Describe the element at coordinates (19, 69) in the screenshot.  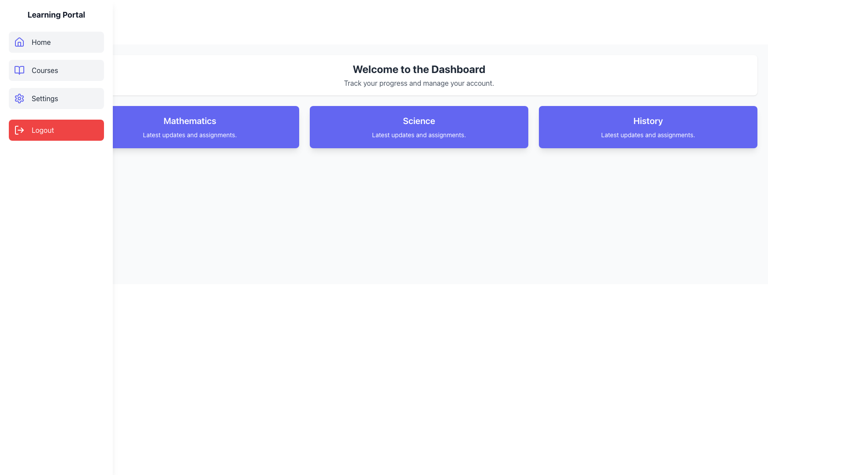
I see `the blue open book icon in the vertical sidebar menu labeled 'Courses', positioned between 'Home' and 'Settings'` at that location.